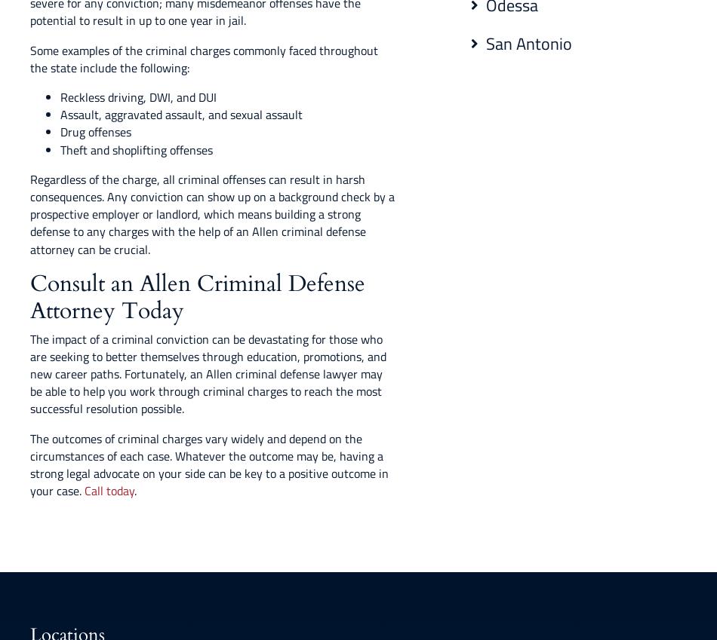  Describe the element at coordinates (109, 491) in the screenshot. I see `'Call today'` at that location.